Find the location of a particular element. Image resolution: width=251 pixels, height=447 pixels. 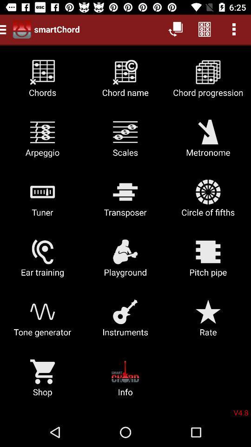

playground icon is located at coordinates (125, 261).